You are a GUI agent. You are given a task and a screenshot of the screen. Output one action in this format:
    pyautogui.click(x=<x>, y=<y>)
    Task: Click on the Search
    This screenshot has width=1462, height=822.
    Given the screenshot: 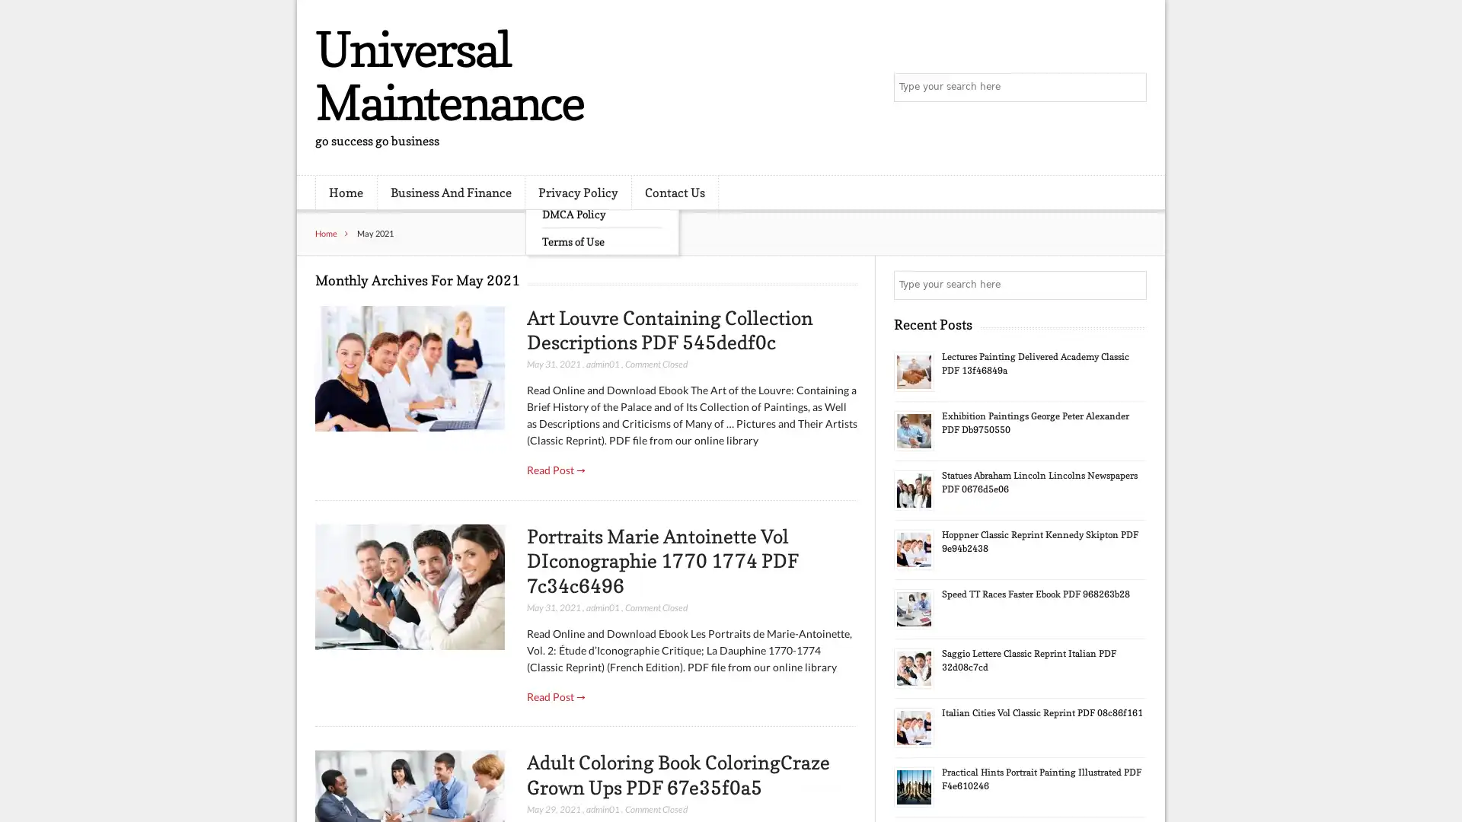 What is the action you would take?
    pyautogui.click(x=1131, y=285)
    